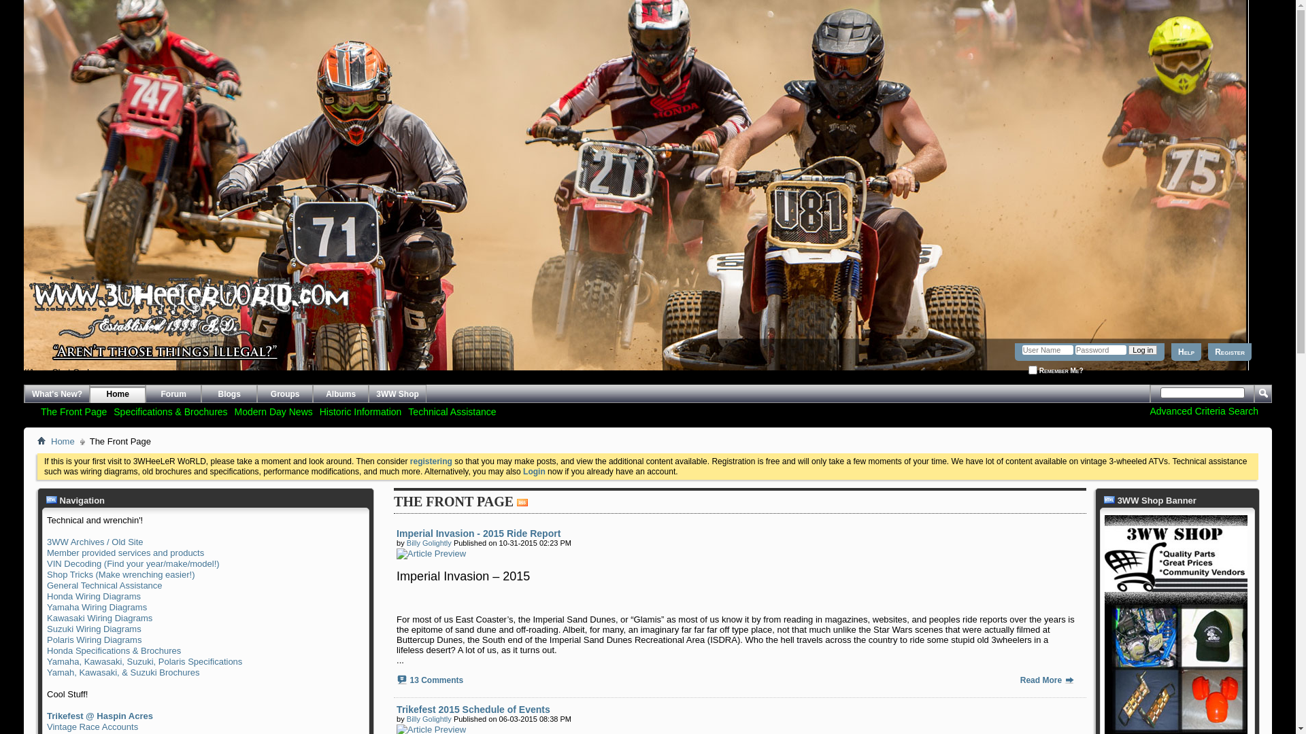 Image resolution: width=1306 pixels, height=734 pixels. What do you see at coordinates (114, 650) in the screenshot?
I see `'Honda Specifications & Brochures'` at bounding box center [114, 650].